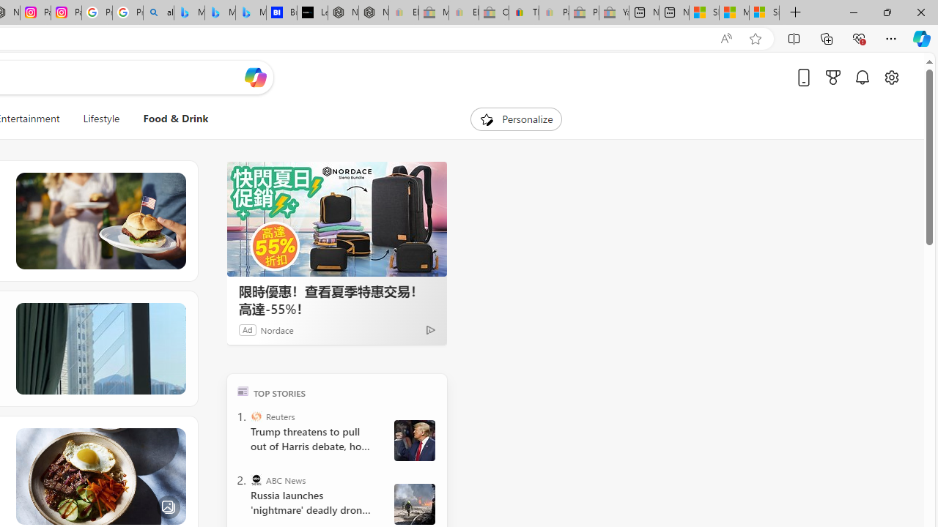  What do you see at coordinates (256, 479) in the screenshot?
I see `'ABC News'` at bounding box center [256, 479].